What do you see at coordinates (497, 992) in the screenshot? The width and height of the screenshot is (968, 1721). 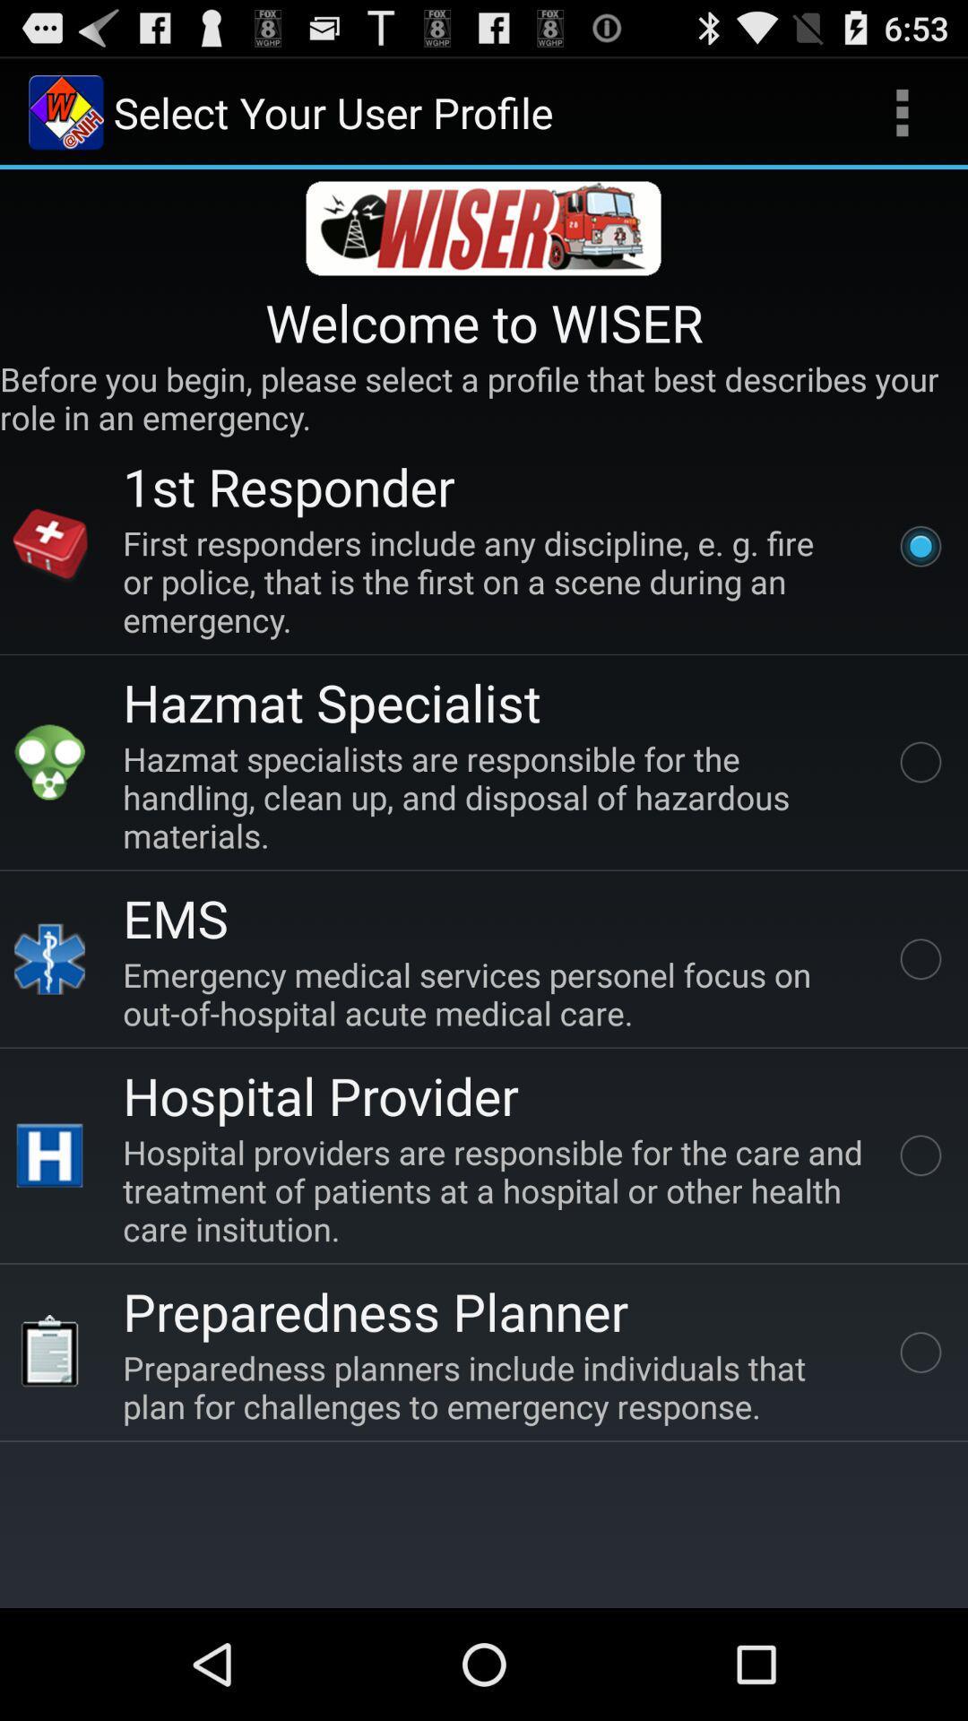 I see `item above hospital provider item` at bounding box center [497, 992].